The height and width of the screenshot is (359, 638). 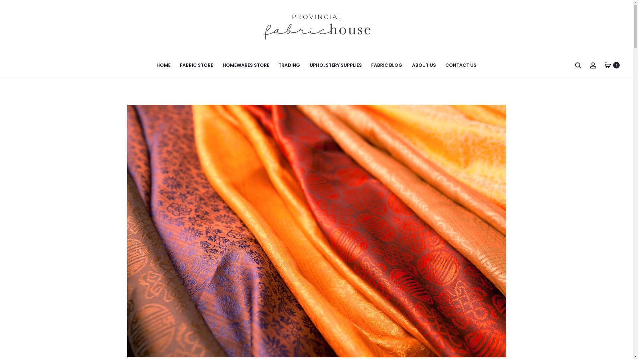 What do you see at coordinates (386, 65) in the screenshot?
I see `'FABRIC BLOG'` at bounding box center [386, 65].